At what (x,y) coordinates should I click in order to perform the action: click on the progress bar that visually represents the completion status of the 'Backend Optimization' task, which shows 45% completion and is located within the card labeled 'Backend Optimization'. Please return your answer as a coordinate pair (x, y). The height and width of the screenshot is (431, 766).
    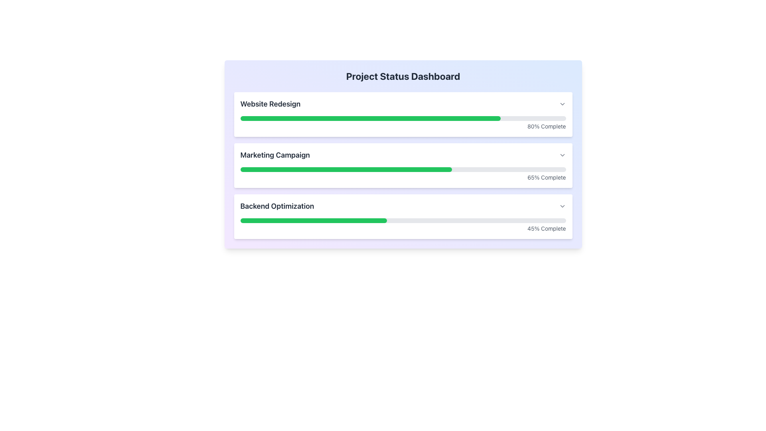
    Looking at the image, I should click on (403, 220).